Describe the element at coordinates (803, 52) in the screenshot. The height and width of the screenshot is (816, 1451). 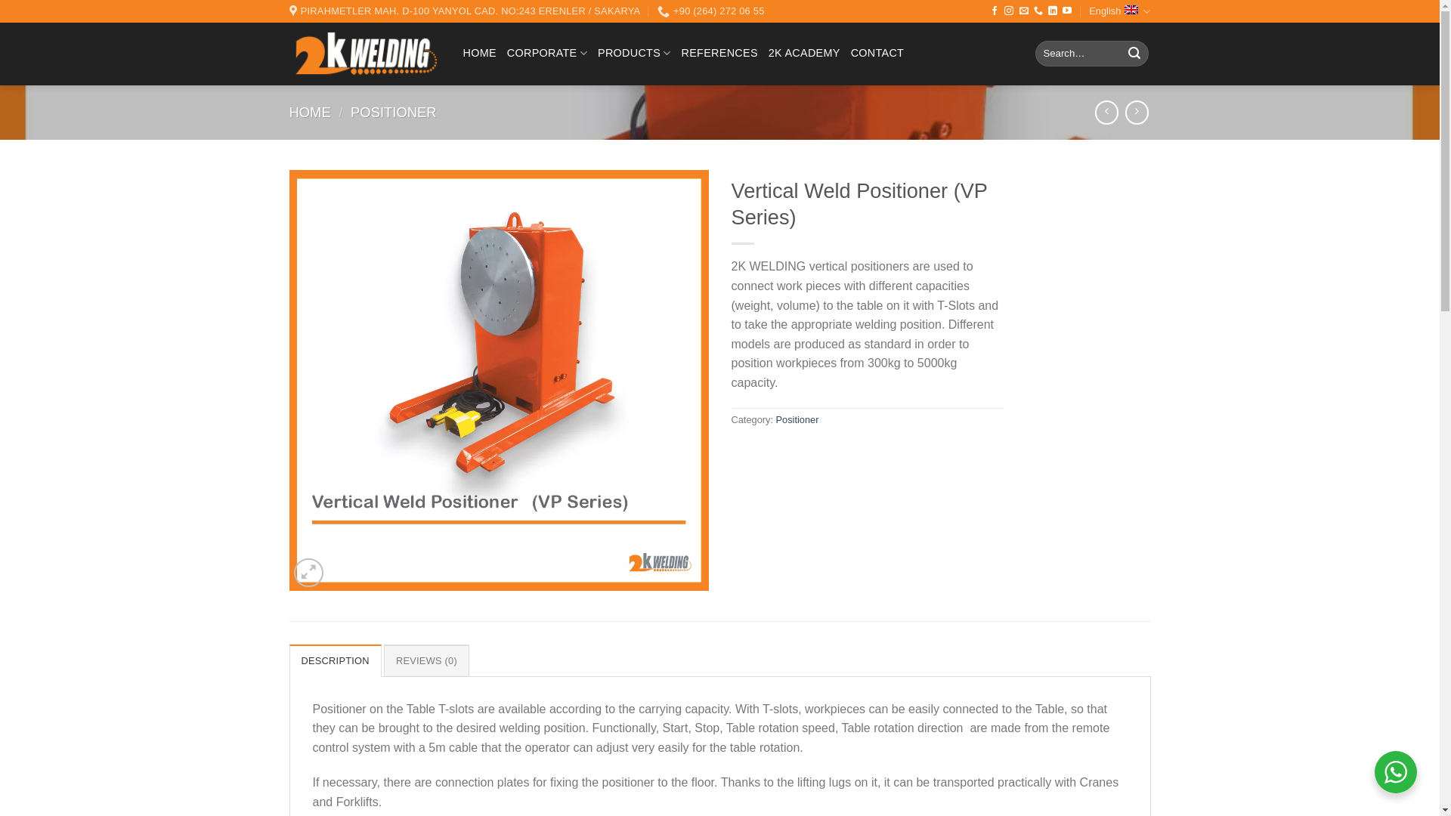
I see `'2K ACADEMY'` at that location.